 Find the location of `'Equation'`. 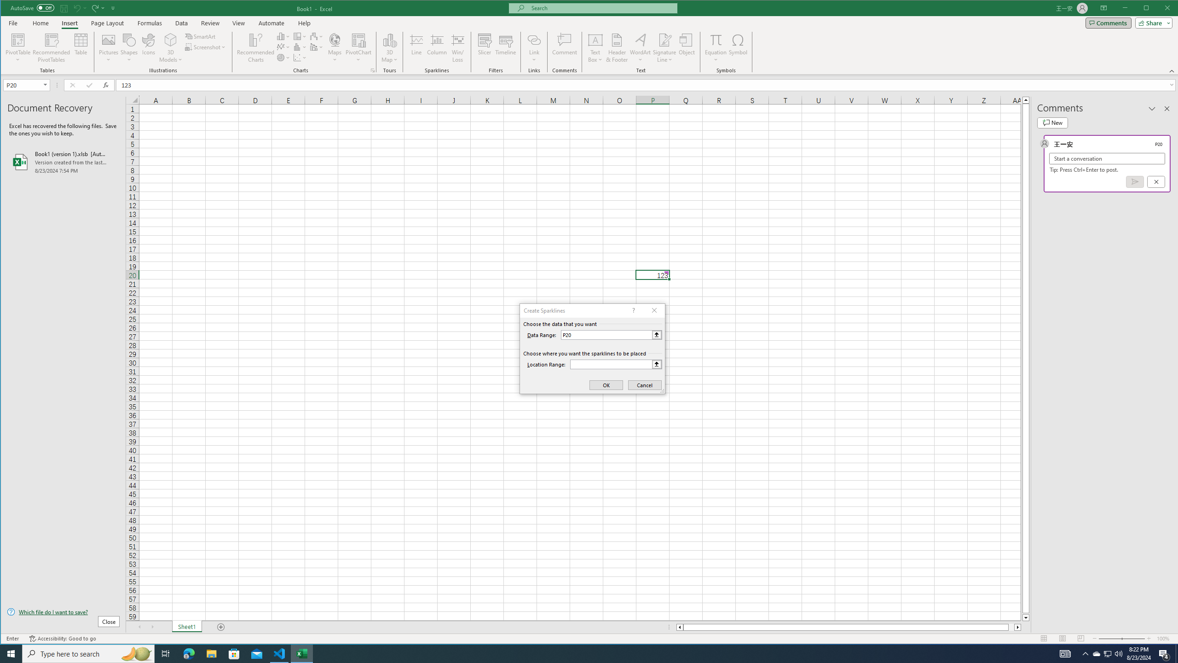

'Equation' is located at coordinates (716, 39).